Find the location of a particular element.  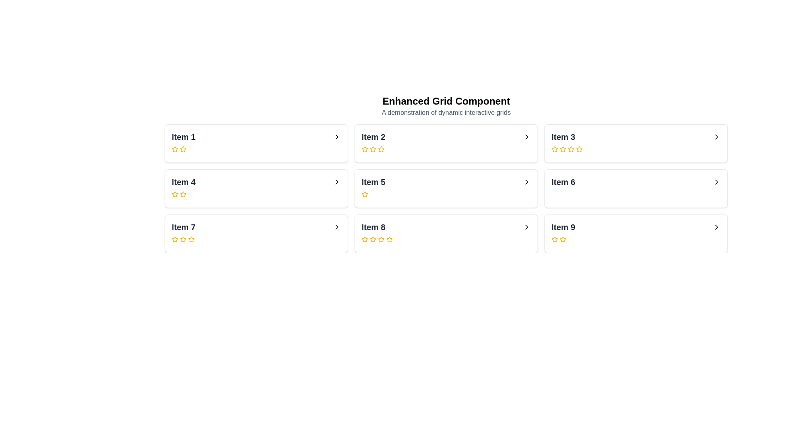

the rating value of the rating star component for 'Item 4', located below the title and above the right-facing arrow in the card area is located at coordinates (256, 194).